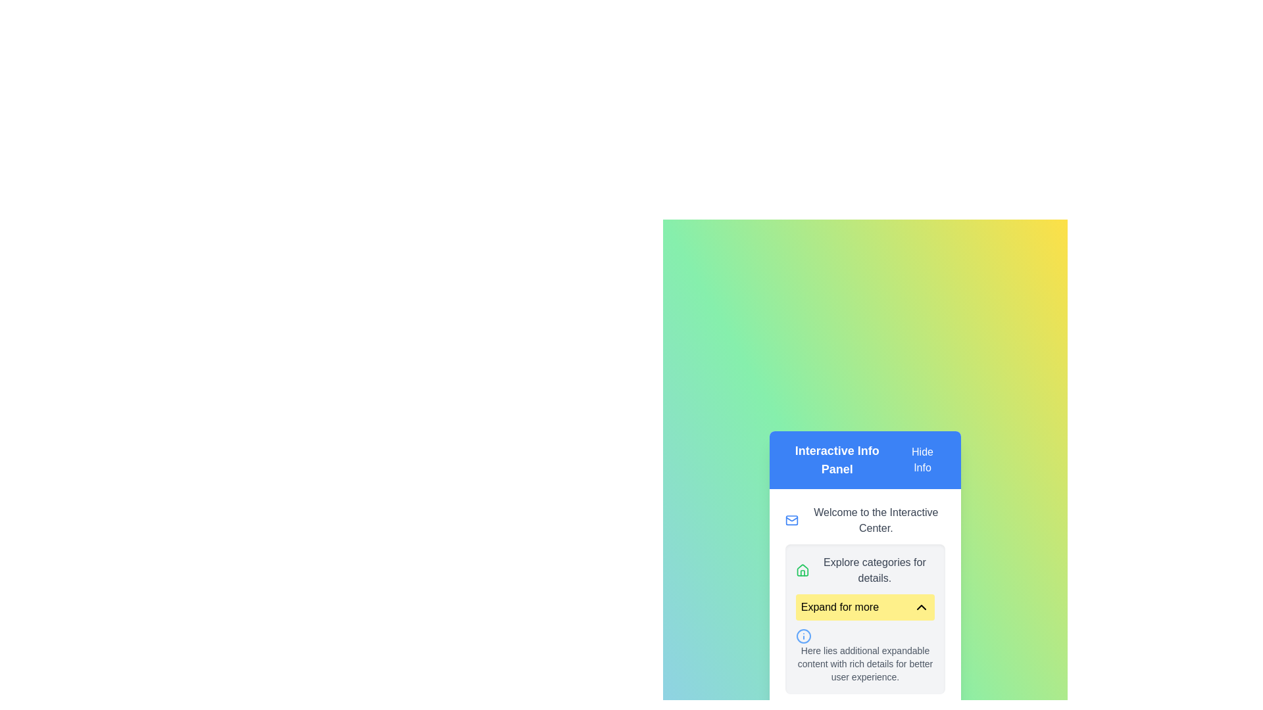  I want to click on the collapsible button located within the 'Interactive Info Panel' in the 'Explore categories for details' subsection, so click(865, 607).